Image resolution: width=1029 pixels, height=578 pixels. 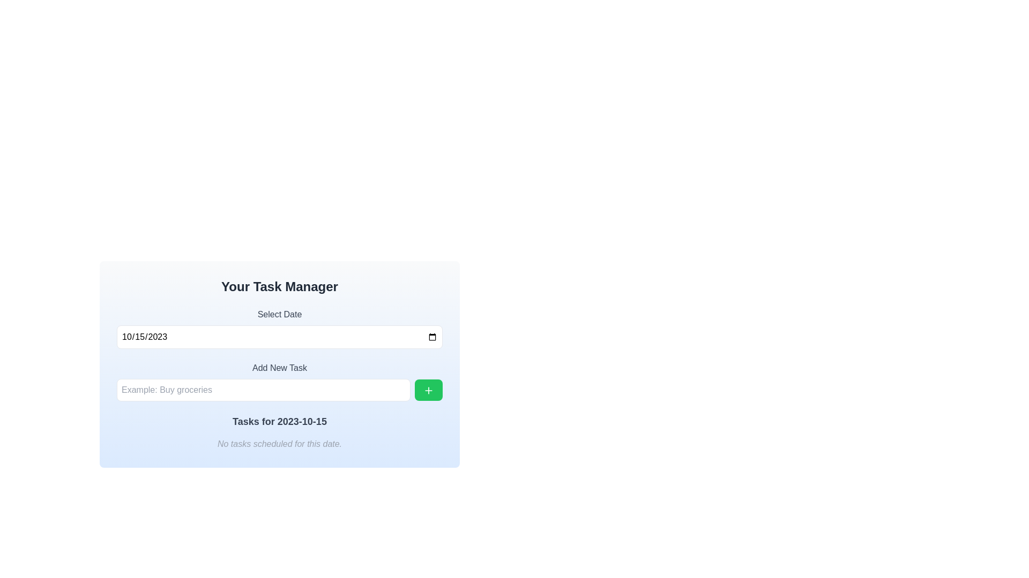 I want to click on the 'Add' button represented by a plus symbol for keyboard navigation, so click(x=429, y=390).